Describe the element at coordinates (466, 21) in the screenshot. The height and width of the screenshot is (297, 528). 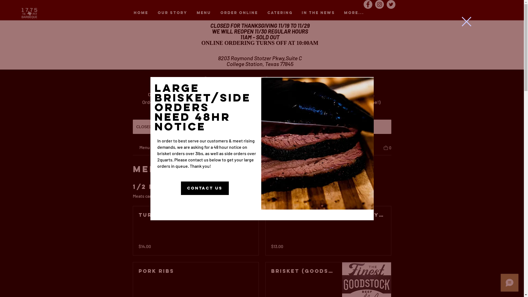
I see `'Back to site'` at that location.